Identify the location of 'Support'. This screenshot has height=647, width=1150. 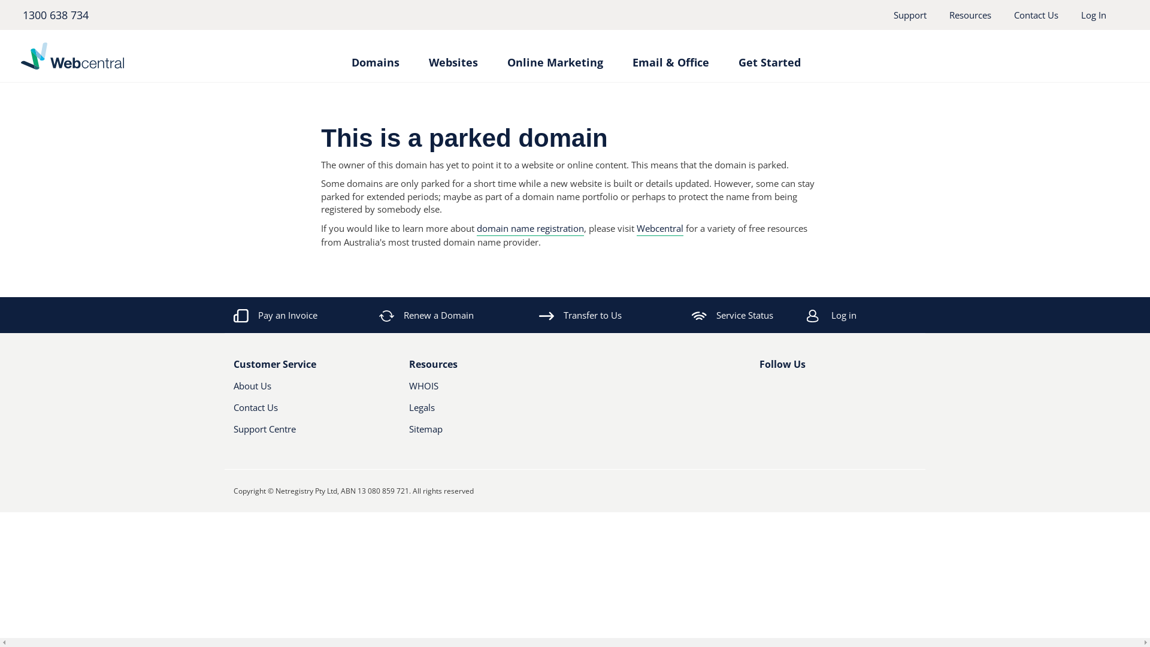
(910, 14).